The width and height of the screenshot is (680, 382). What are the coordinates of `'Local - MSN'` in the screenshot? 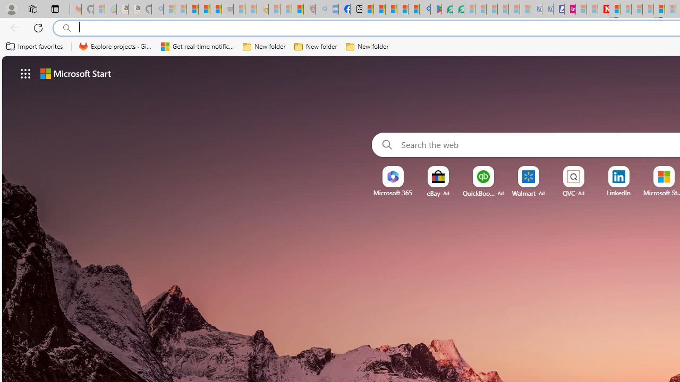 It's located at (297, 9).